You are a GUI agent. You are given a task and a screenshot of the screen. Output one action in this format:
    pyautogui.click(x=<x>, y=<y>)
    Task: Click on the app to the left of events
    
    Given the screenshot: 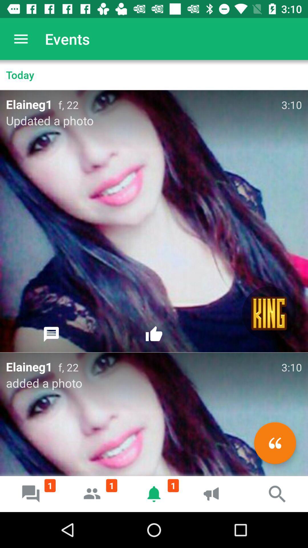 What is the action you would take?
    pyautogui.click(x=21, y=39)
    